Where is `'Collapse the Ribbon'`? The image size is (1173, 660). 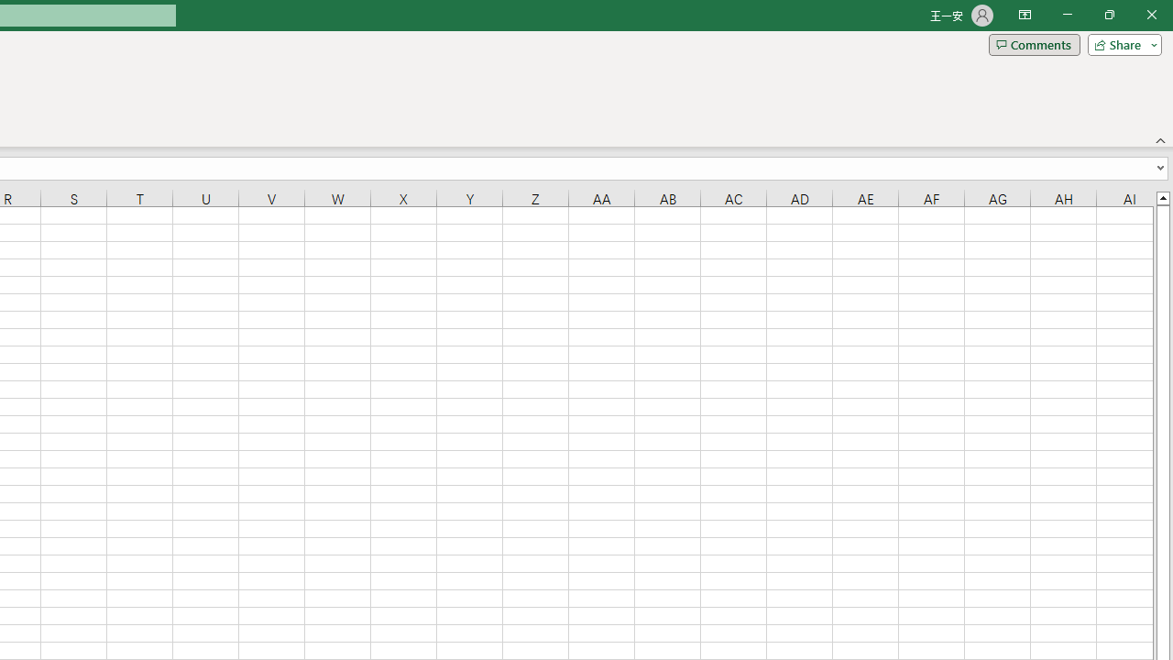 'Collapse the Ribbon' is located at coordinates (1160, 139).